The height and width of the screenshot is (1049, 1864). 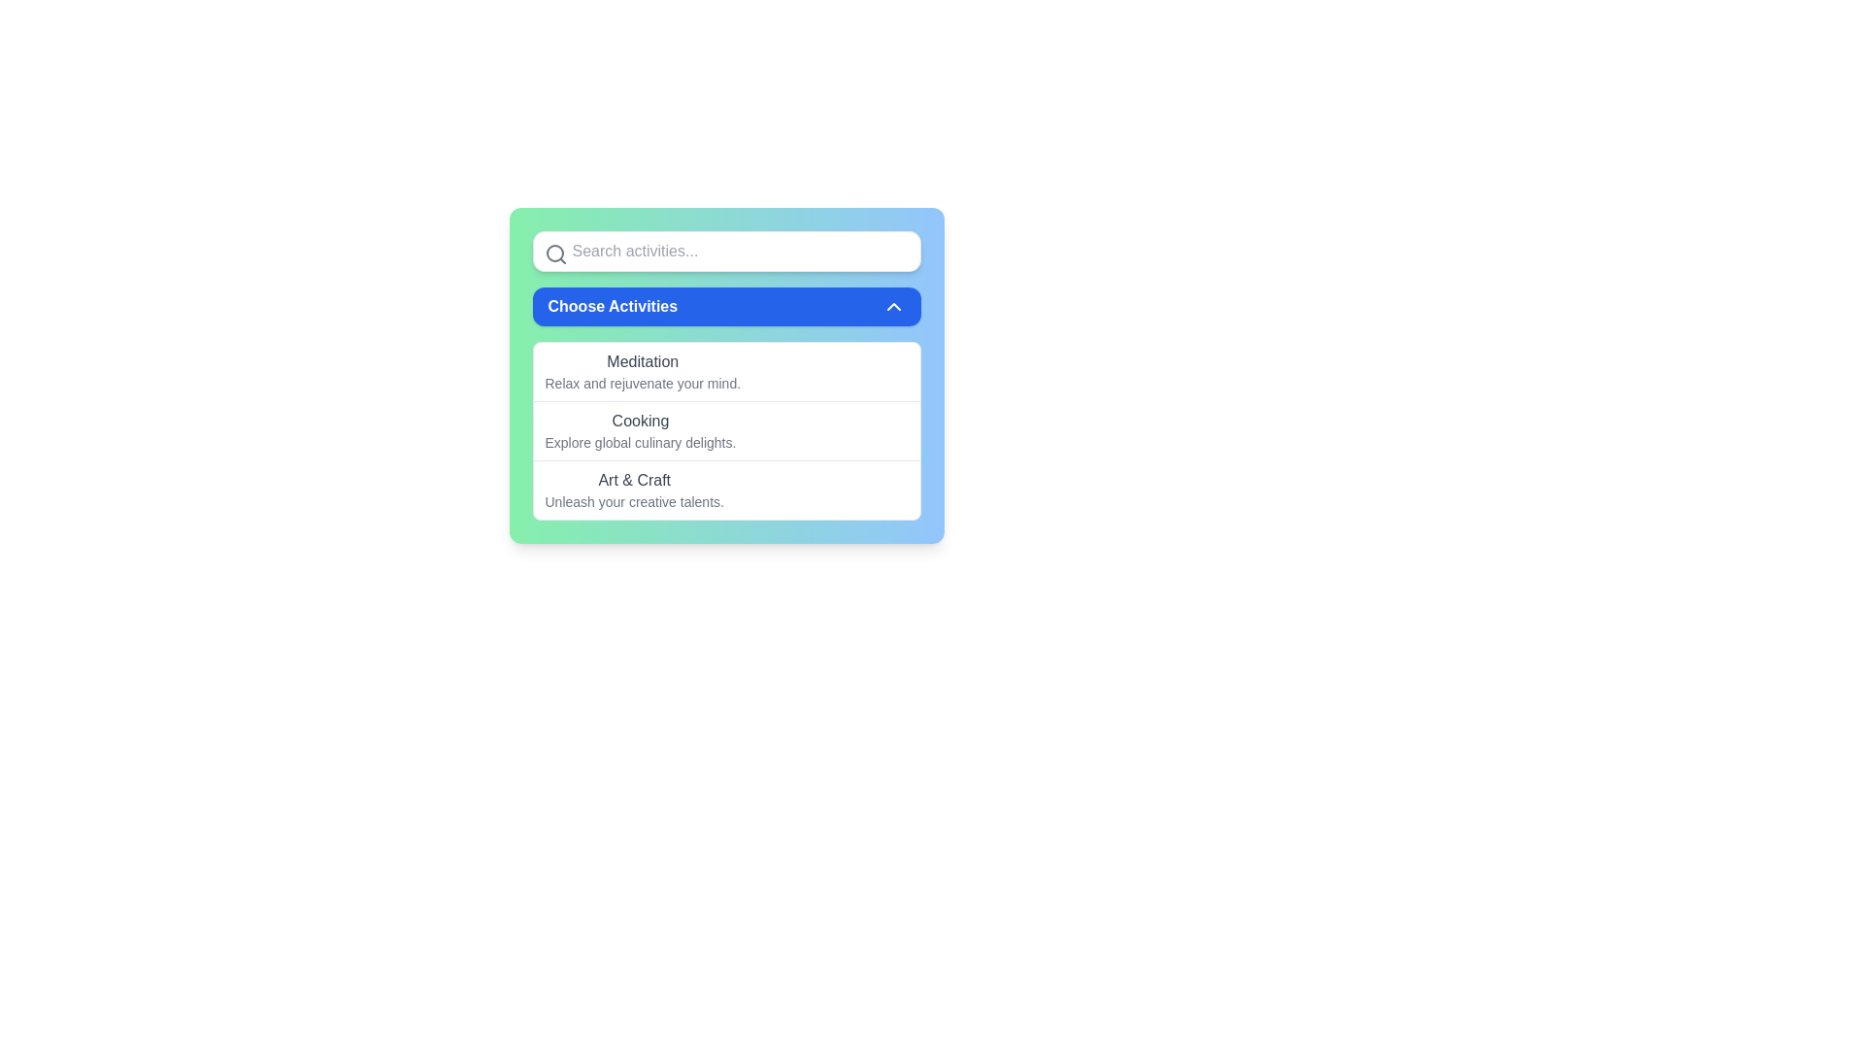 I want to click on the small upward-pointing chevron icon with a thin, white outline against a blue background, located at the far-right edge of the blue bar labeled 'Choose Activities', so click(x=892, y=306).